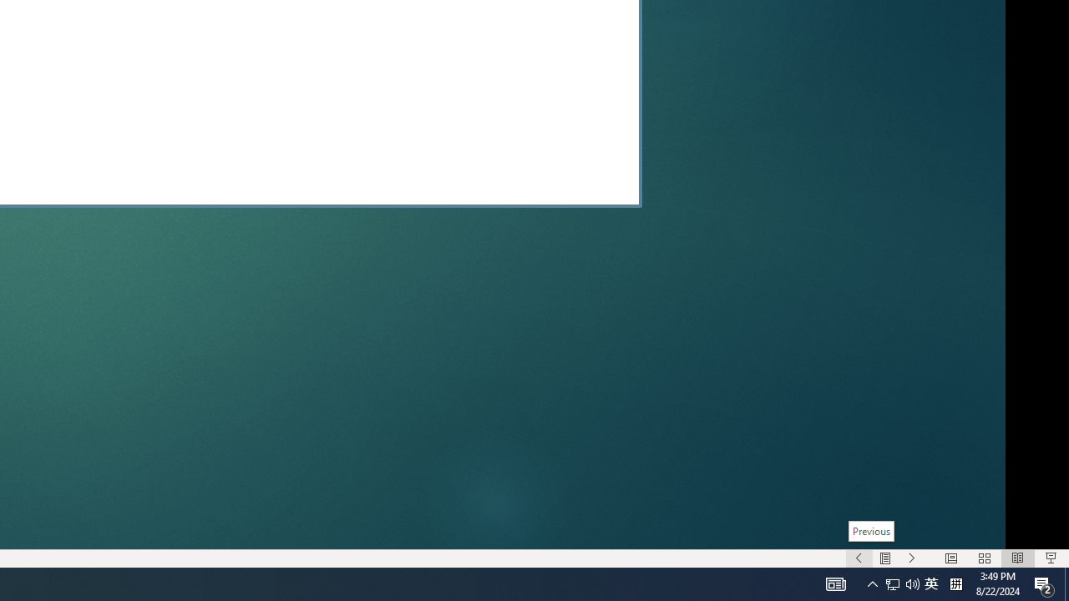 The image size is (1069, 601). I want to click on 'Previous', so click(870, 531).